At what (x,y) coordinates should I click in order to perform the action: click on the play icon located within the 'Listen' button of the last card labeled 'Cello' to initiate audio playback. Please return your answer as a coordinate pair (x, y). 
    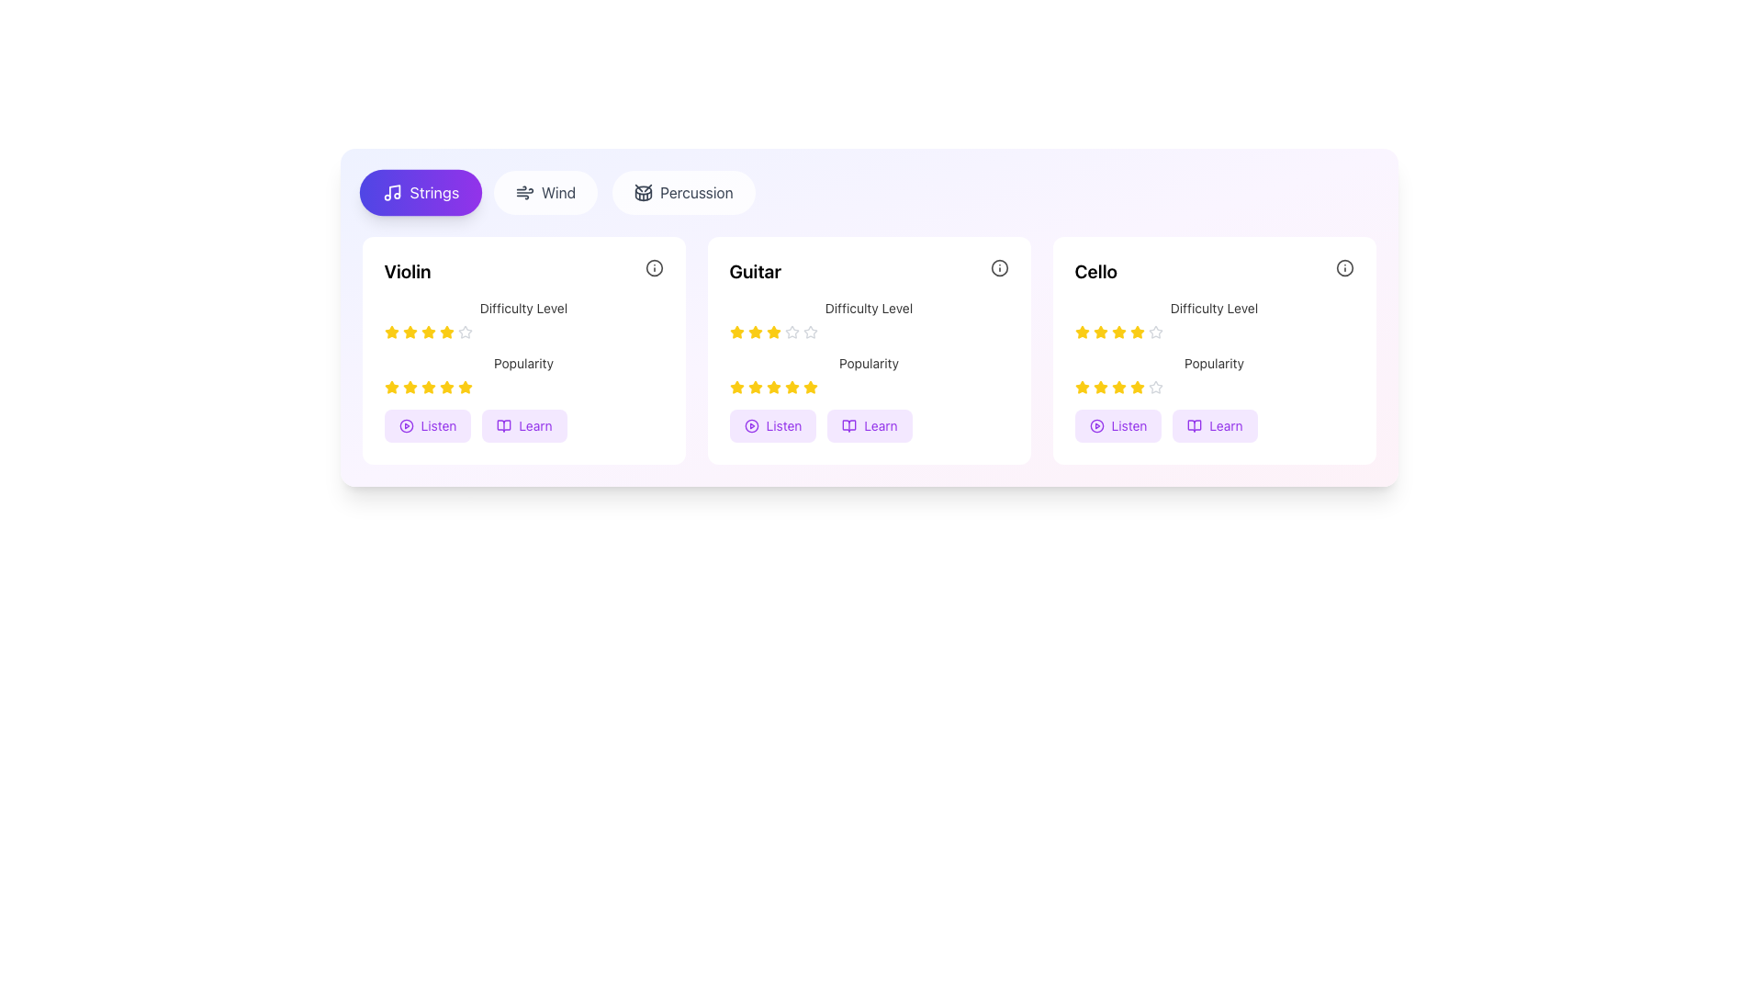
    Looking at the image, I should click on (1096, 425).